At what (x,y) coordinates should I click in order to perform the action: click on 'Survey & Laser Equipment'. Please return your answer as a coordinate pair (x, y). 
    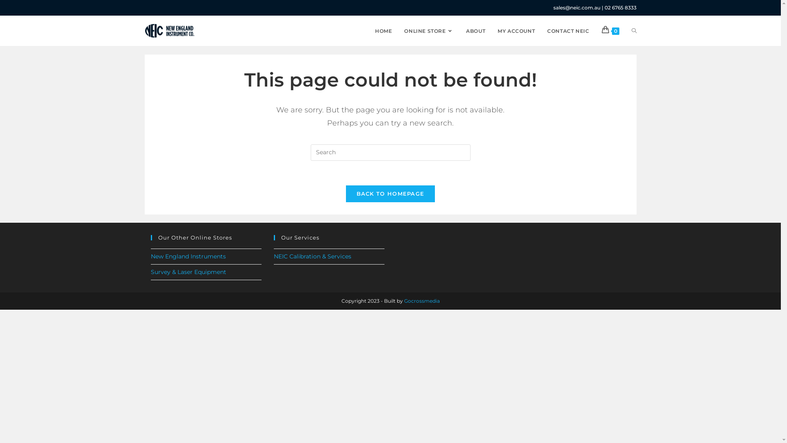
    Looking at the image, I should click on (188, 272).